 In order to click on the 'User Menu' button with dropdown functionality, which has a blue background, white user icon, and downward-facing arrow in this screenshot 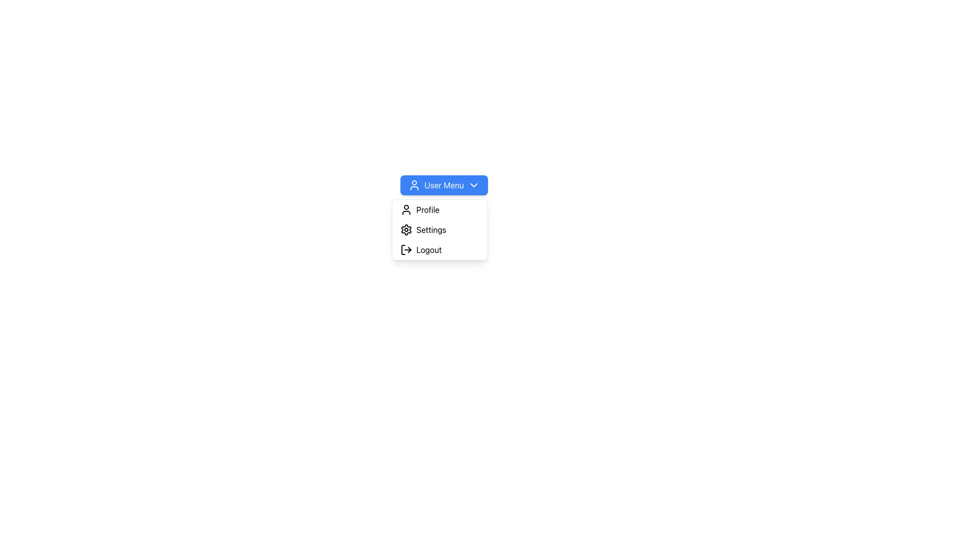, I will do `click(443, 185)`.